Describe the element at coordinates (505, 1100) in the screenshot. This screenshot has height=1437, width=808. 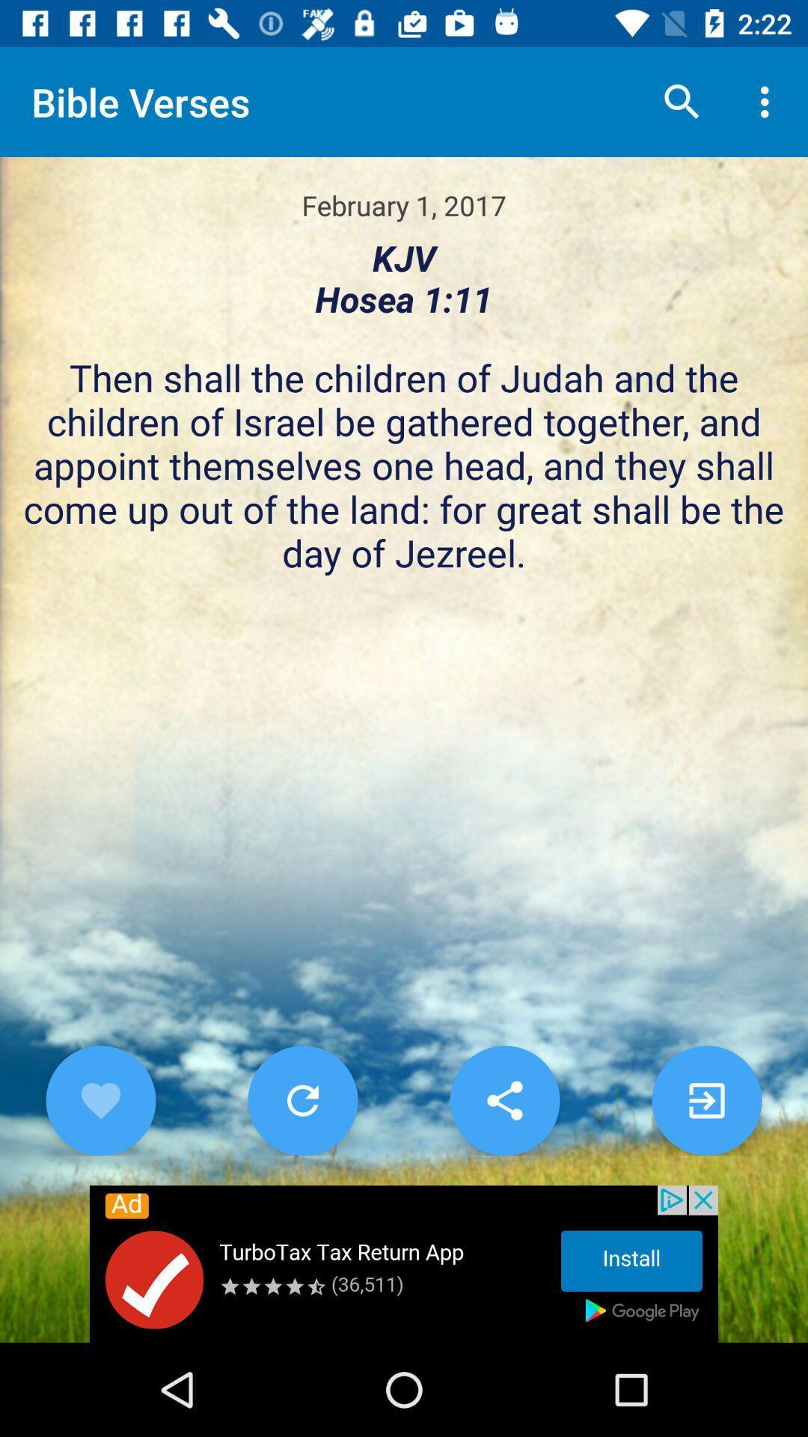
I see `save` at that location.